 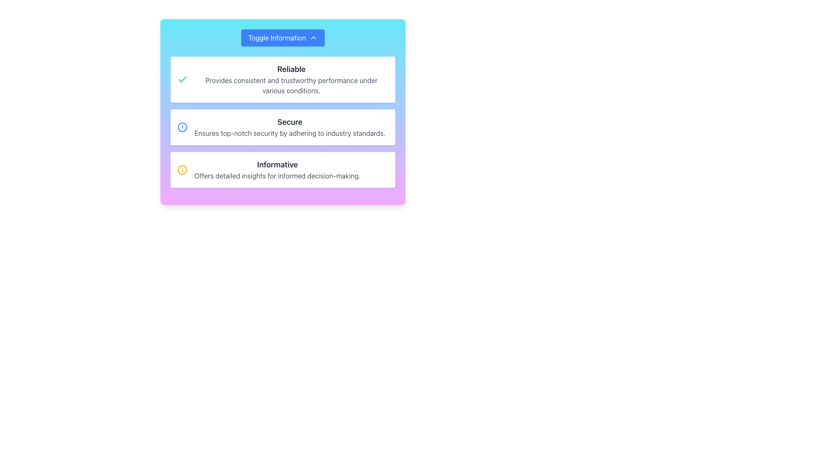 I want to click on the SVG Circle indicator located in the 'Secure' section of the panel, which is positioned to the left of the text content, so click(x=182, y=127).